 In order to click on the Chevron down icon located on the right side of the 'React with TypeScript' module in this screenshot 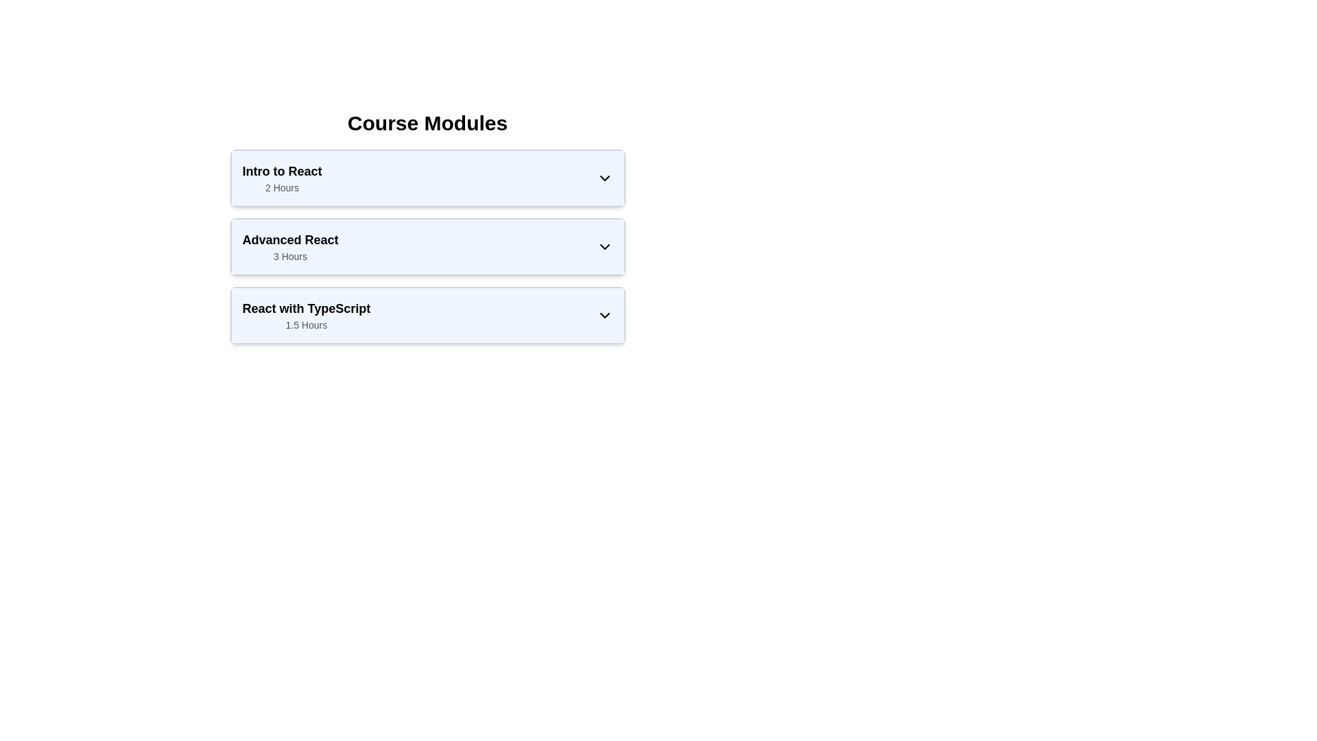, I will do `click(604, 315)`.